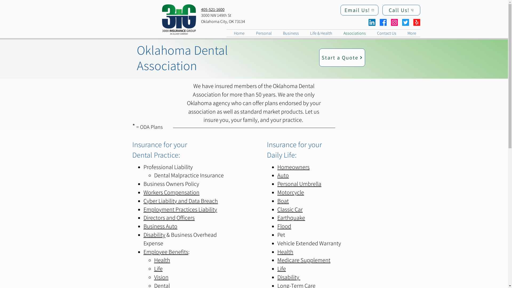 The image size is (512, 288). Describe the element at coordinates (293, 167) in the screenshot. I see `'Homeowners'` at that location.